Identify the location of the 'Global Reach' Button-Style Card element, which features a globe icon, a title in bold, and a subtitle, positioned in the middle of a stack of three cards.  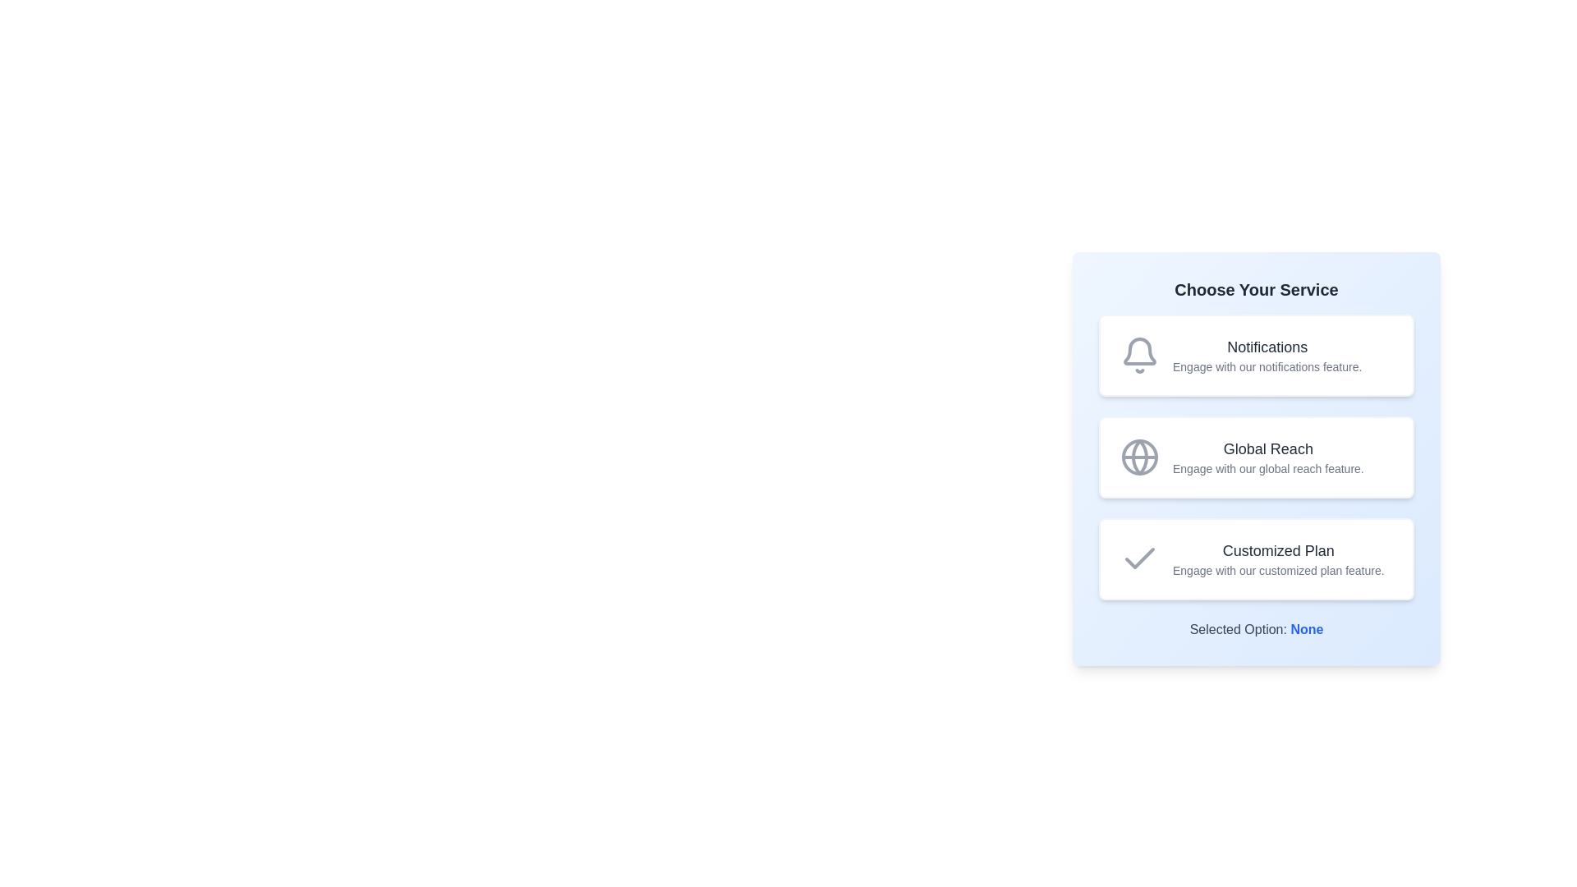
(1256, 457).